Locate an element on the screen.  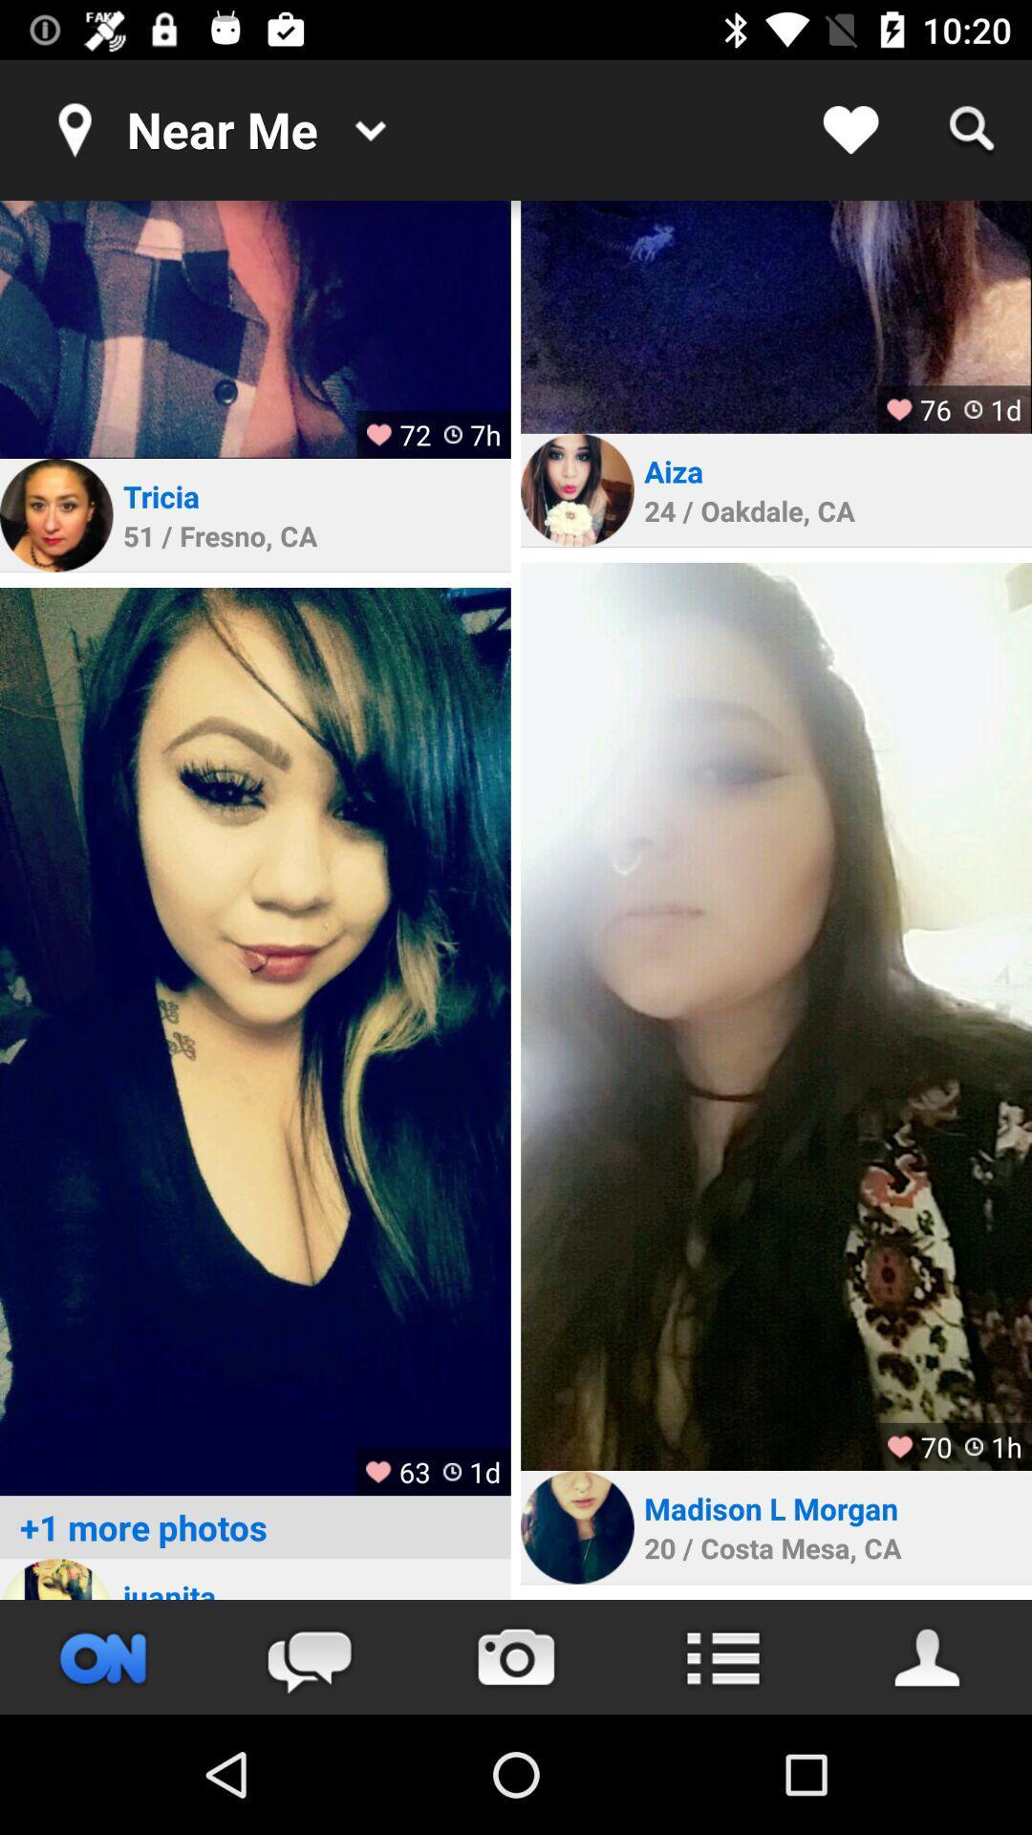
go chat is located at coordinates (309, 1656).